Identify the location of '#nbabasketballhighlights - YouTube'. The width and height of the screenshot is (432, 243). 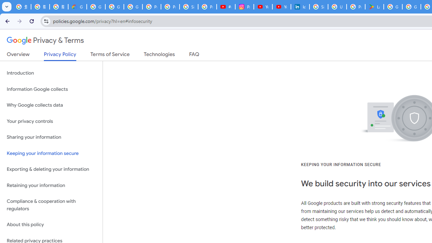
(226, 7).